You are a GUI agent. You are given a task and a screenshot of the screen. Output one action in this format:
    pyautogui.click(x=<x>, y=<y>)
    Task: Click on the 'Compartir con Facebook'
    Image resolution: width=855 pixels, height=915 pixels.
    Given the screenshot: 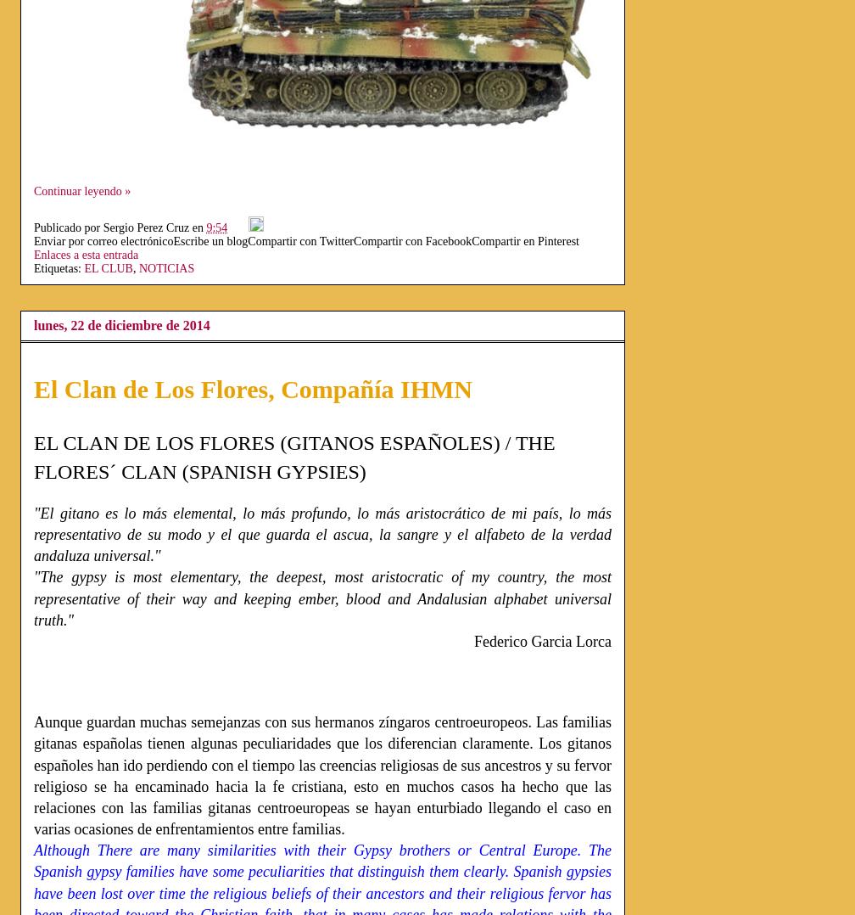 What is the action you would take?
    pyautogui.click(x=412, y=241)
    